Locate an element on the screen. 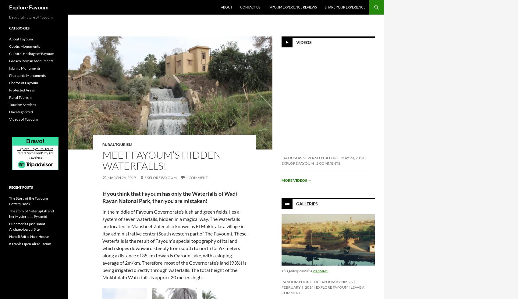  '2 Comments' is located at coordinates (328, 163).